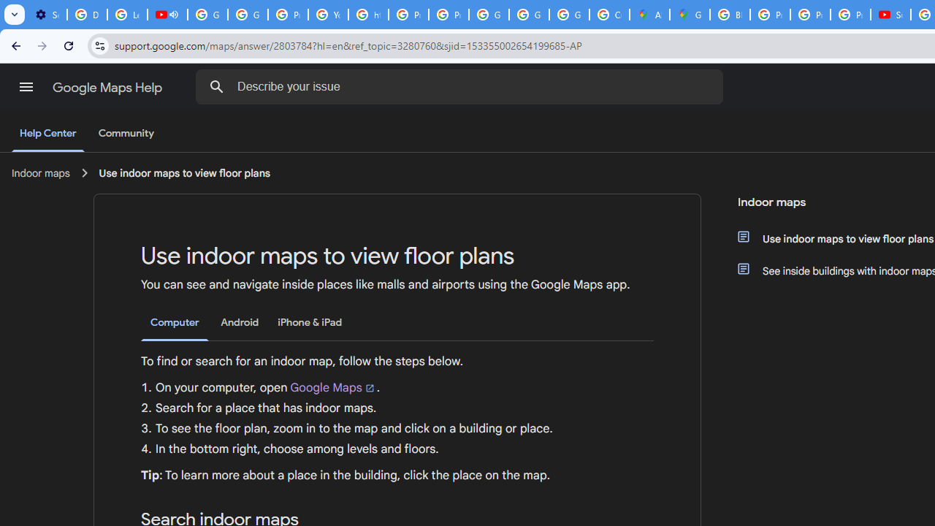 The width and height of the screenshot is (935, 526). What do you see at coordinates (327, 15) in the screenshot?
I see `'YouTube'` at bounding box center [327, 15].